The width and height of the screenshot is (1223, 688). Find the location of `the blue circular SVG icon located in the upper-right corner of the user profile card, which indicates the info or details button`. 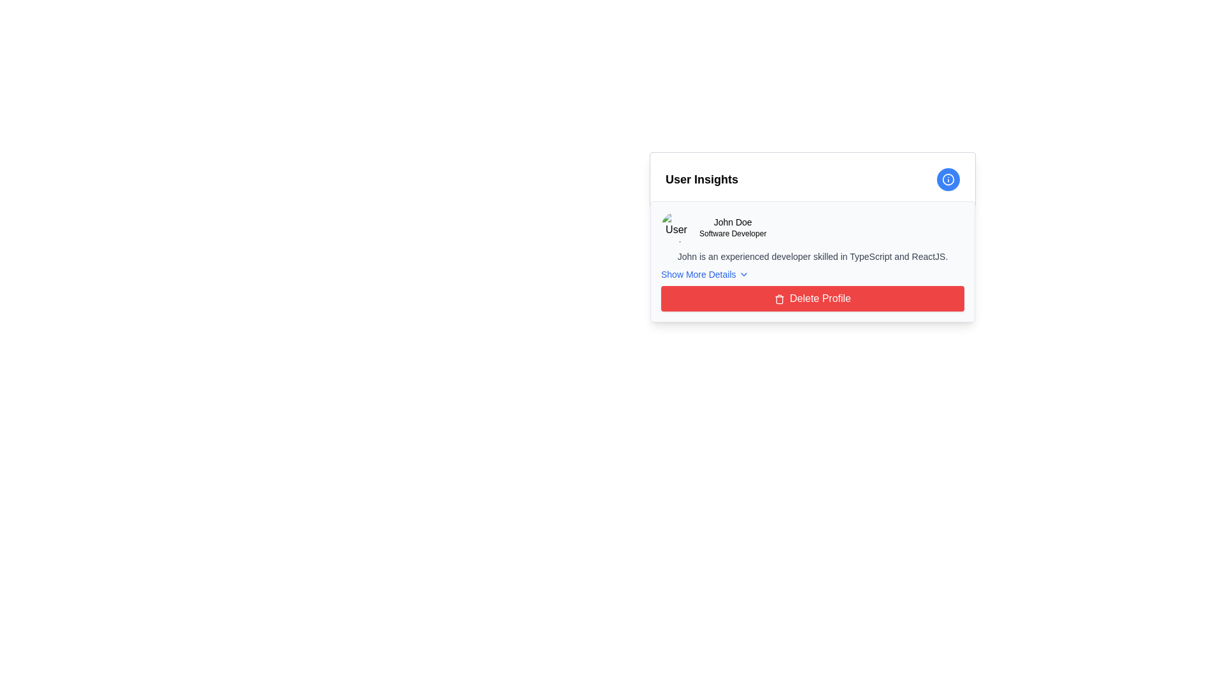

the blue circular SVG icon located in the upper-right corner of the user profile card, which indicates the info or details button is located at coordinates (948, 179).